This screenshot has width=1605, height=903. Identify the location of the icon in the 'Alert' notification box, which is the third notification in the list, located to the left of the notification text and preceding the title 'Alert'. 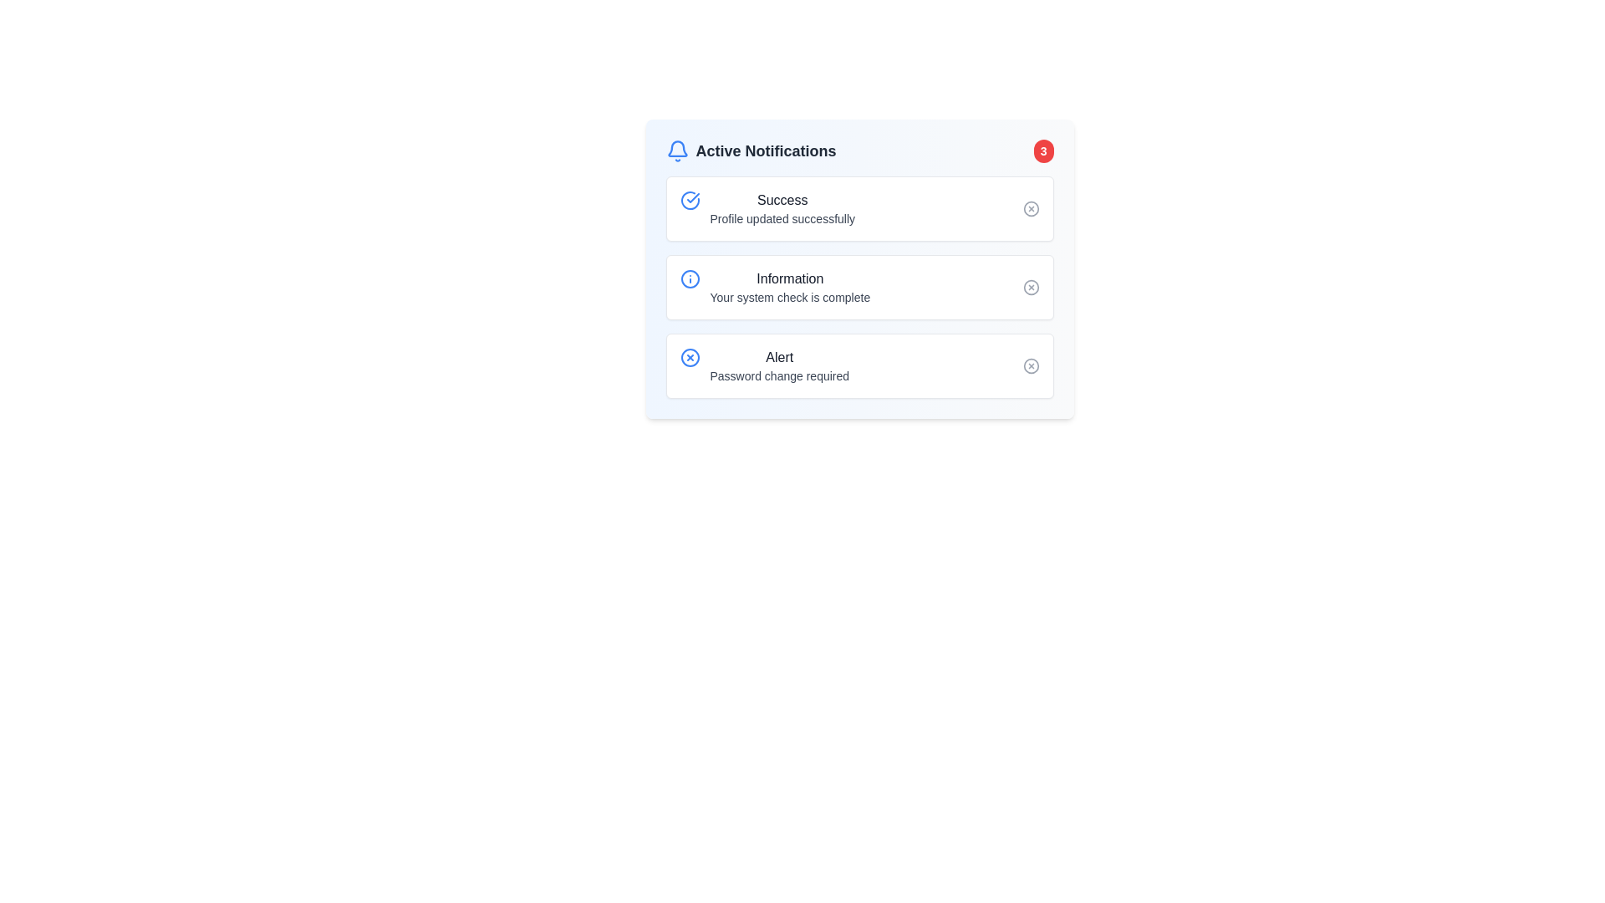
(690, 357).